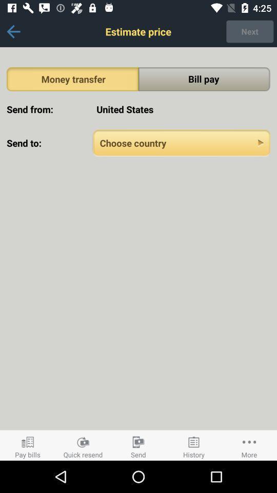  I want to click on the bill pay icon, so click(204, 79).